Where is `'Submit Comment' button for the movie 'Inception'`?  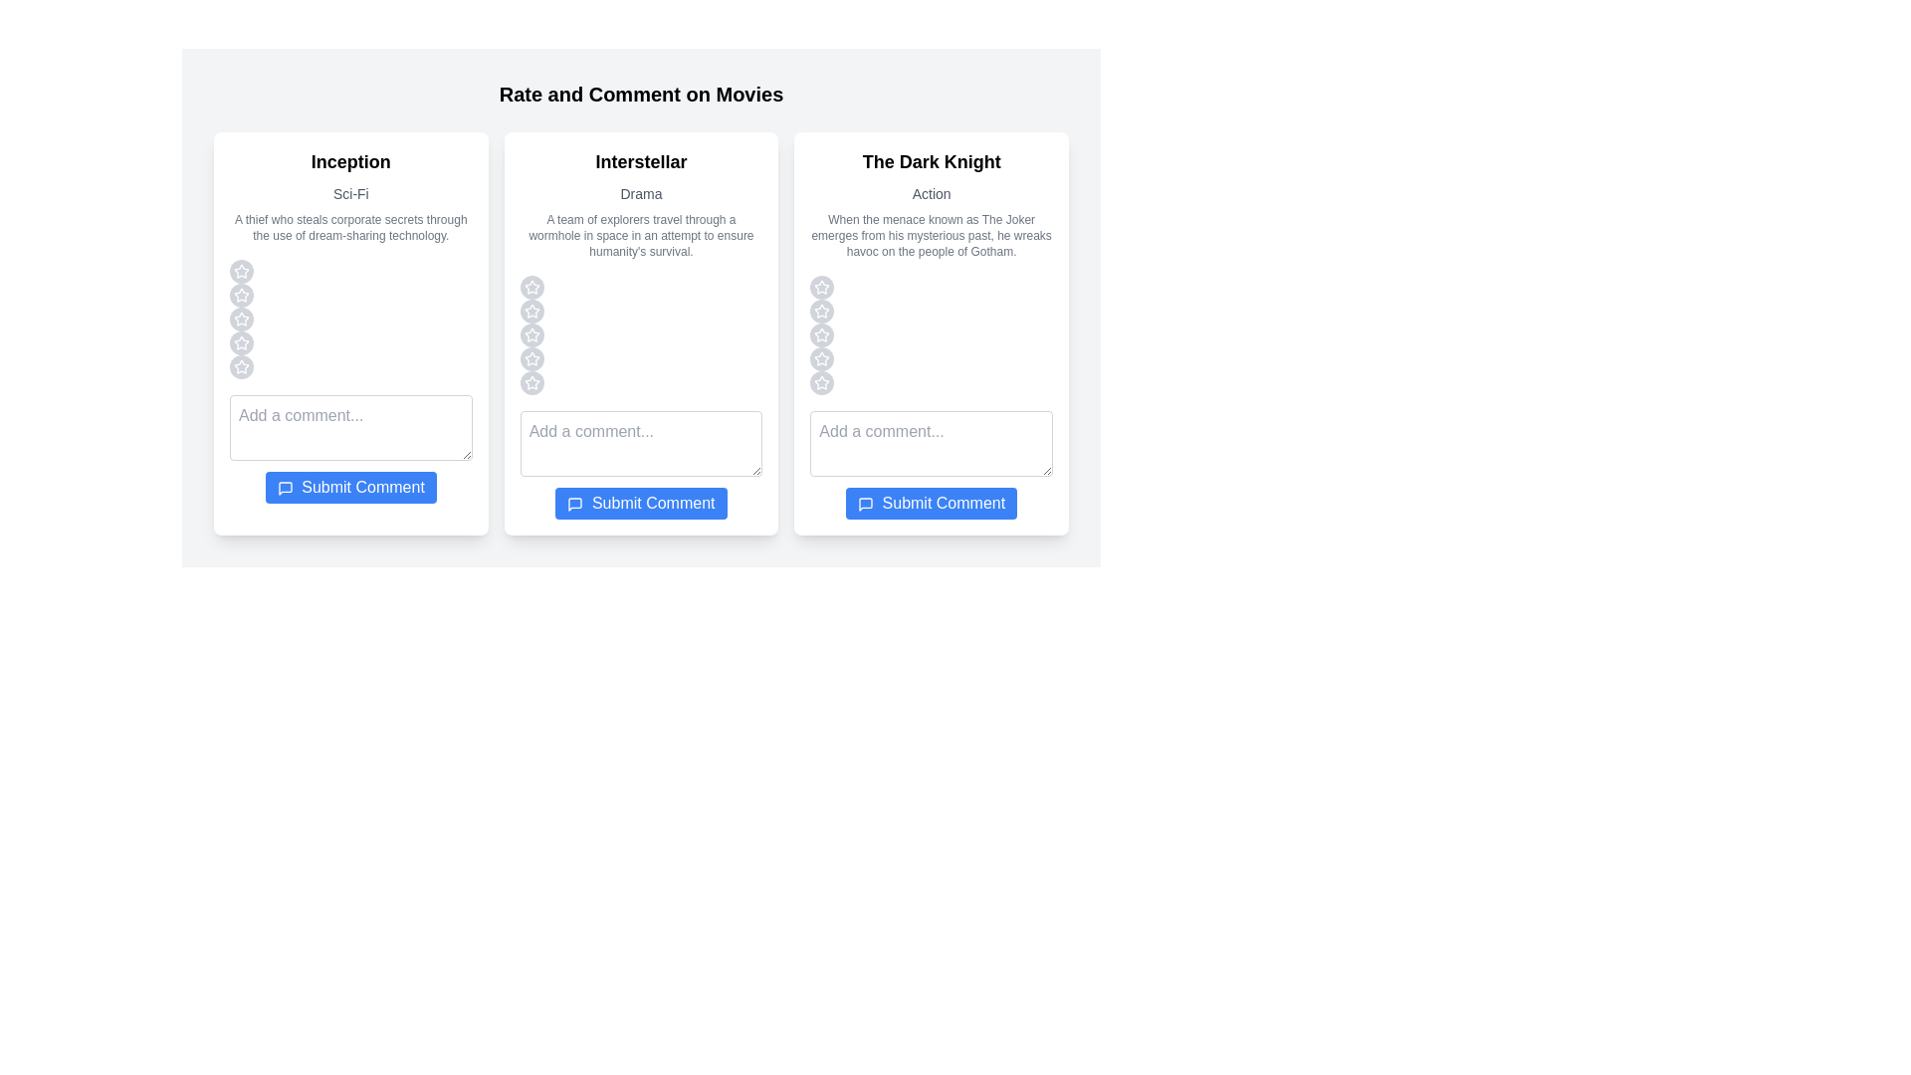 'Submit Comment' button for the movie 'Inception' is located at coordinates (350, 487).